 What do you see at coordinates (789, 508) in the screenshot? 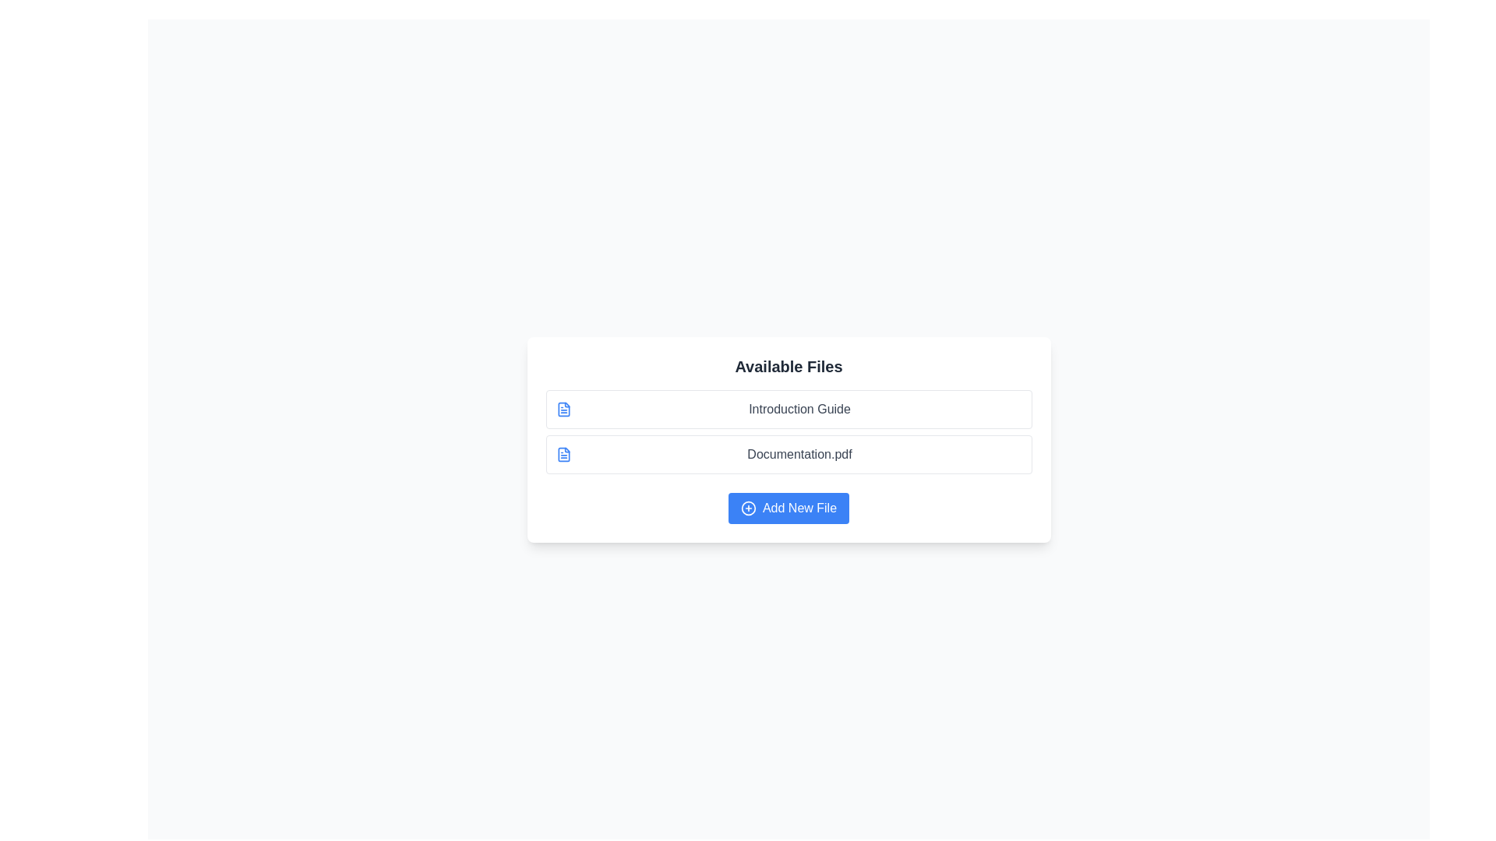
I see `the distinct rectangular button with rounded edges, blue background, and white text 'Add New File' to initiate the file addition process` at bounding box center [789, 508].